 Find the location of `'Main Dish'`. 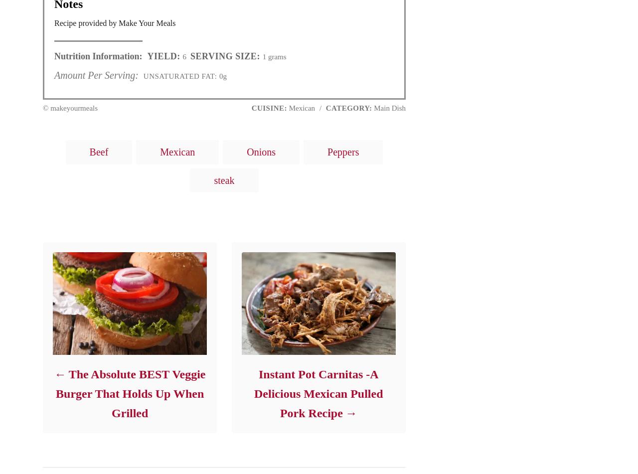

'Main Dish' is located at coordinates (388, 107).